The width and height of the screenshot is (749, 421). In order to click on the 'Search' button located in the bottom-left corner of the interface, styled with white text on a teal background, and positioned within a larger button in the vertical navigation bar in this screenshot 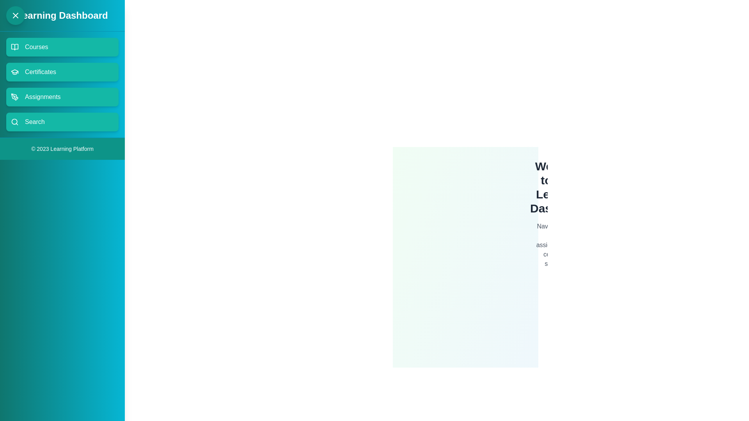, I will do `click(34, 122)`.